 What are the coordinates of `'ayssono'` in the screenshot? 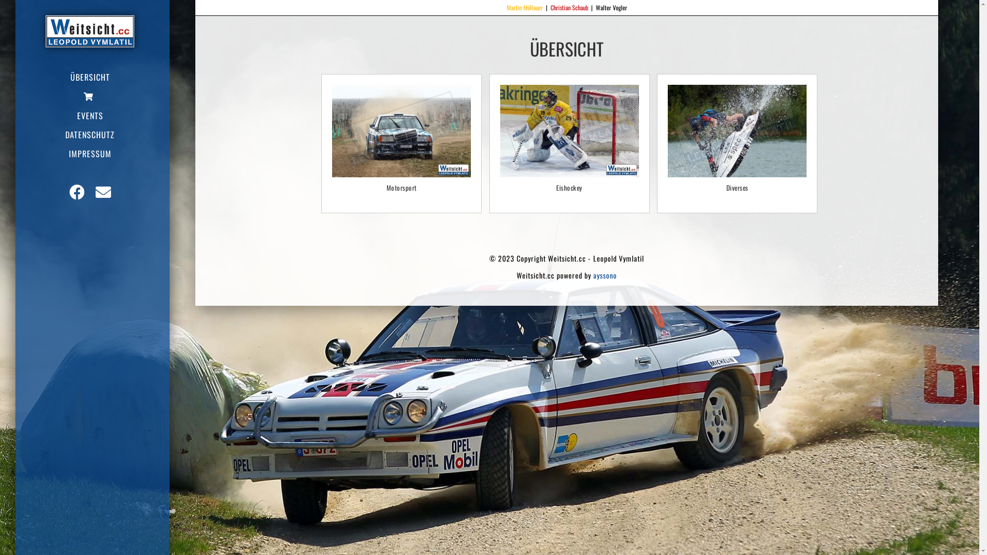 It's located at (593, 274).